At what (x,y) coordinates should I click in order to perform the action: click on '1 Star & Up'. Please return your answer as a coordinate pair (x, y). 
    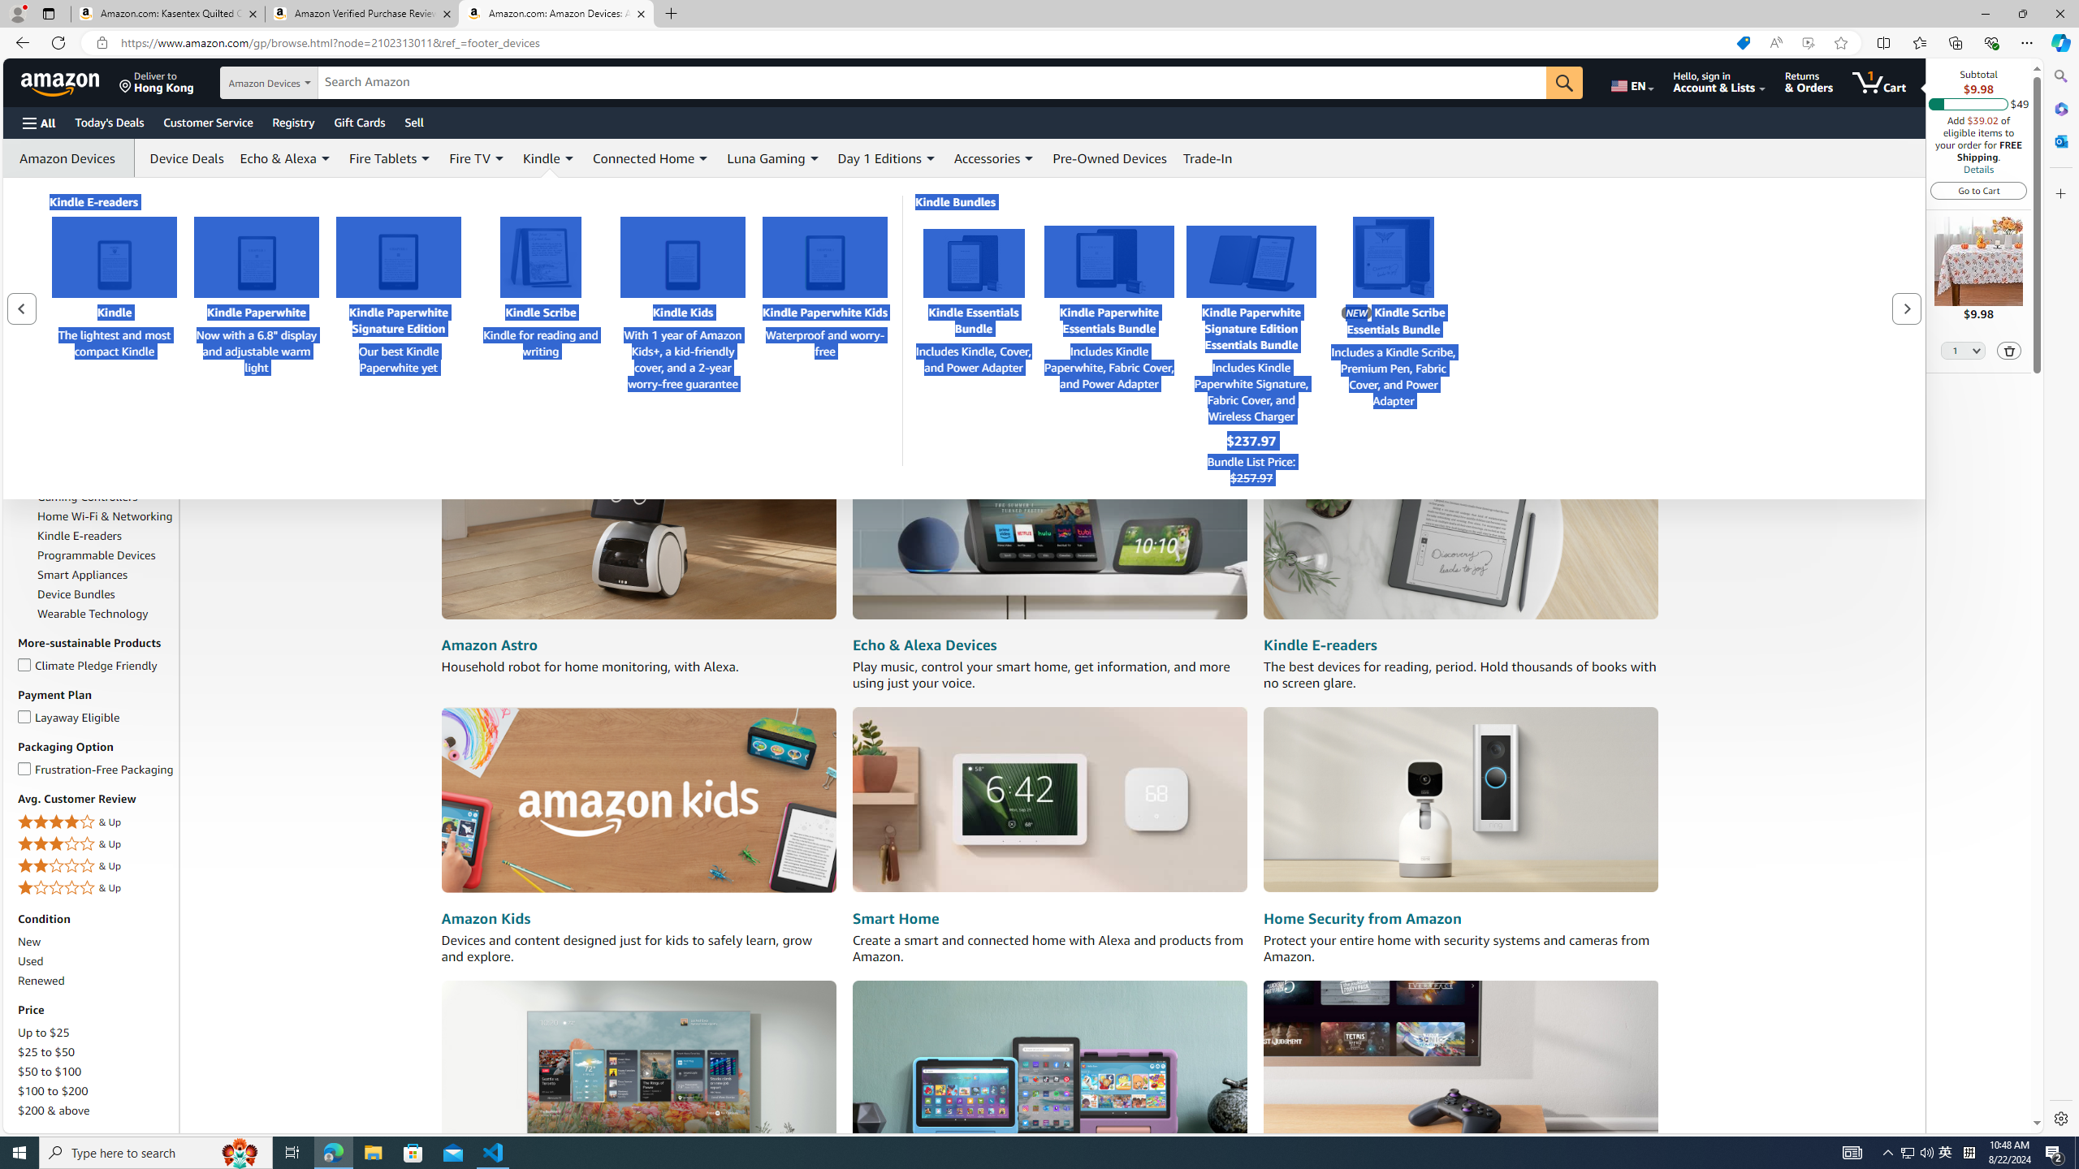
    Looking at the image, I should click on (96, 886).